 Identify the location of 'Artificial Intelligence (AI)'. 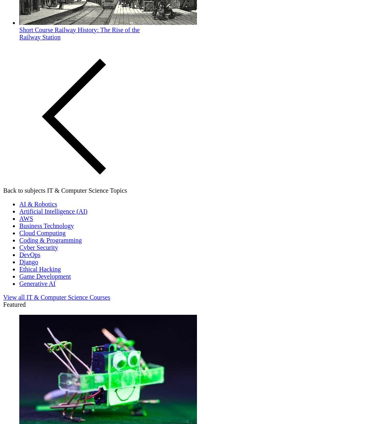
(53, 210).